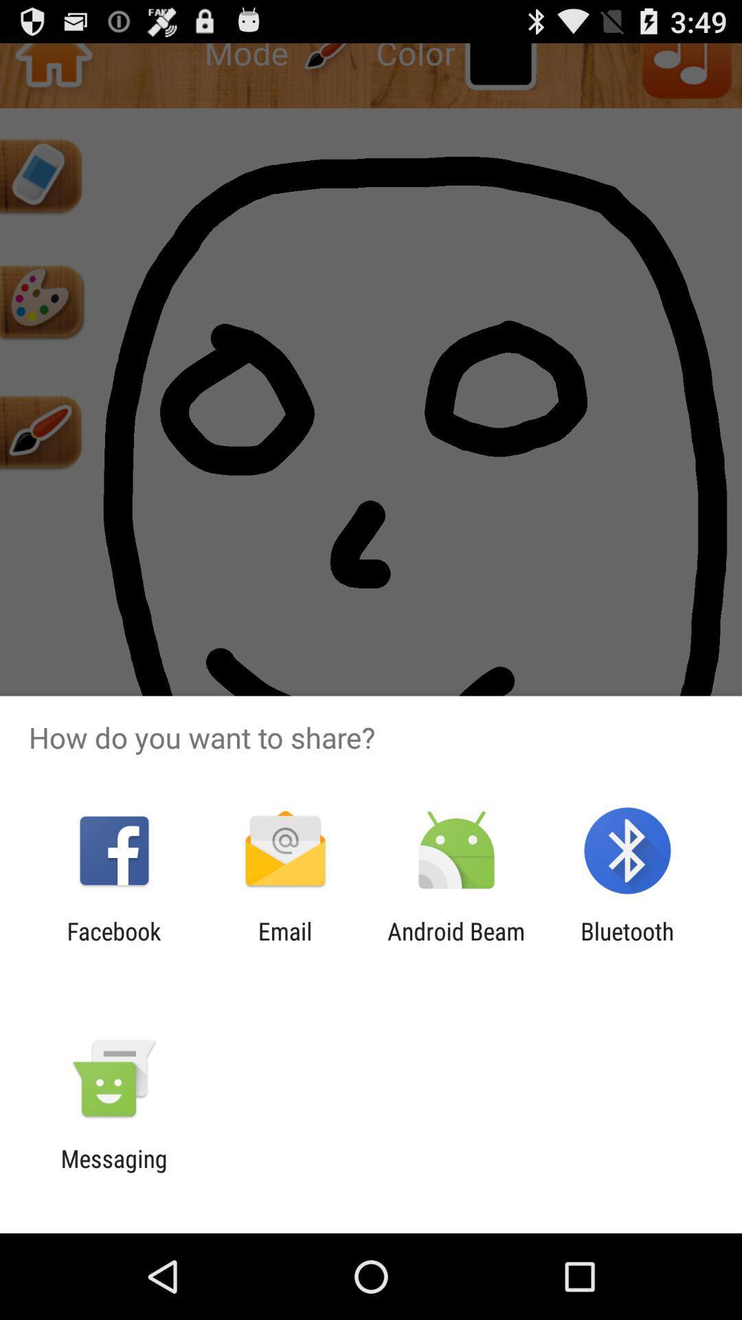 Image resolution: width=742 pixels, height=1320 pixels. What do you see at coordinates (627, 945) in the screenshot?
I see `app at the bottom right corner` at bounding box center [627, 945].